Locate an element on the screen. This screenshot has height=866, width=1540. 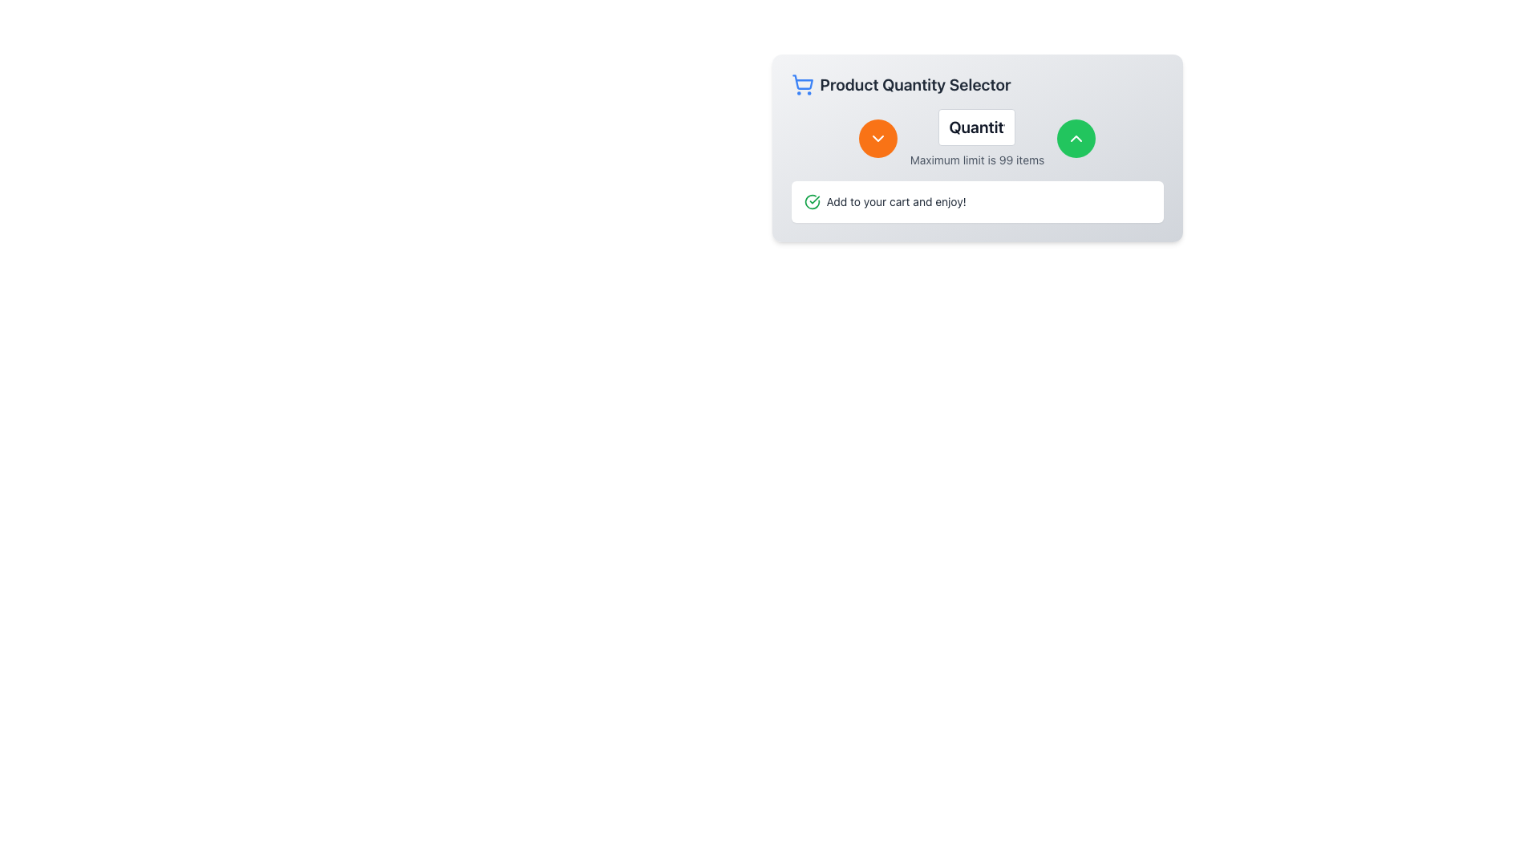
the upward-pointing chevron icon with a white stroke on a green circular background, located near the quantity selector feature in the top-right area of the interface is located at coordinates (1076, 138).